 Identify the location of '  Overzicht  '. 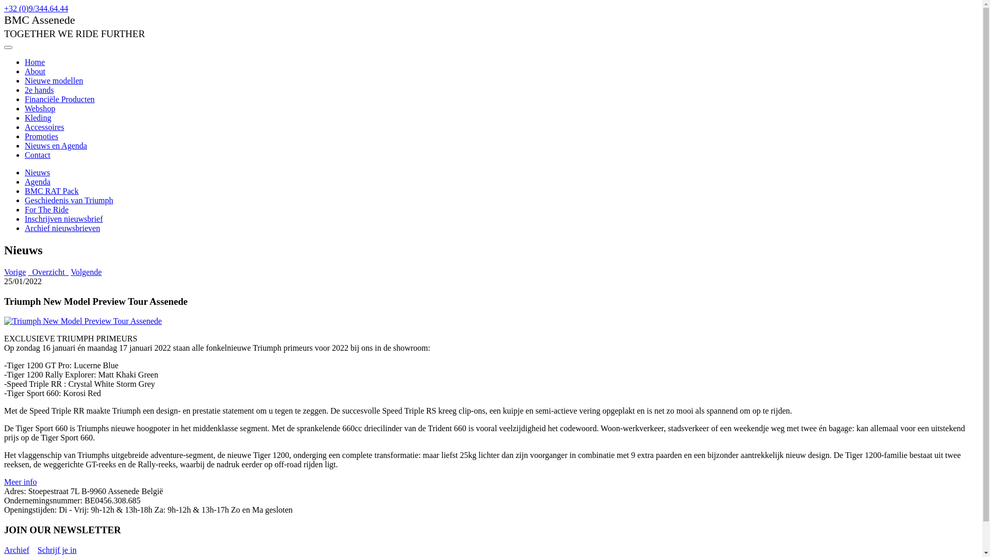
(47, 271).